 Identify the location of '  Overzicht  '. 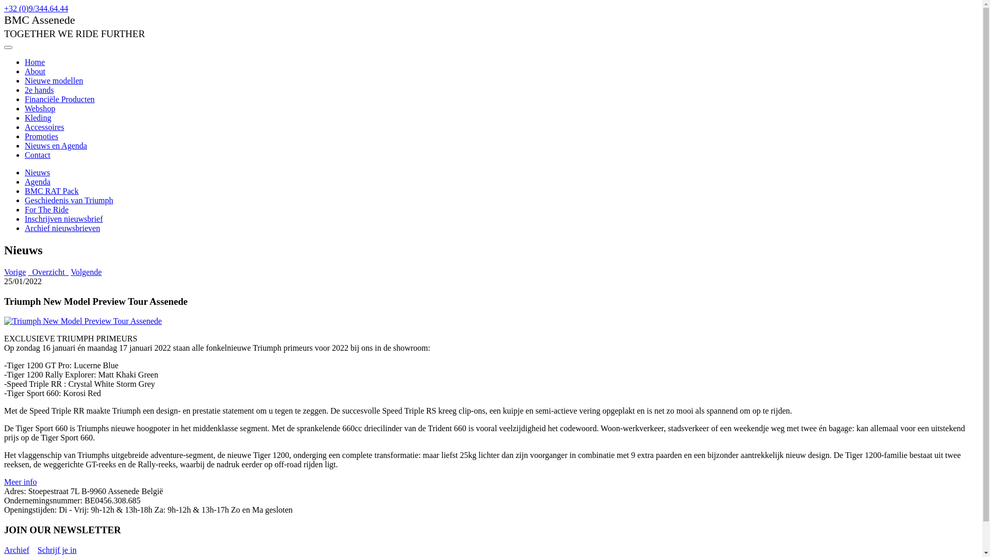
(47, 271).